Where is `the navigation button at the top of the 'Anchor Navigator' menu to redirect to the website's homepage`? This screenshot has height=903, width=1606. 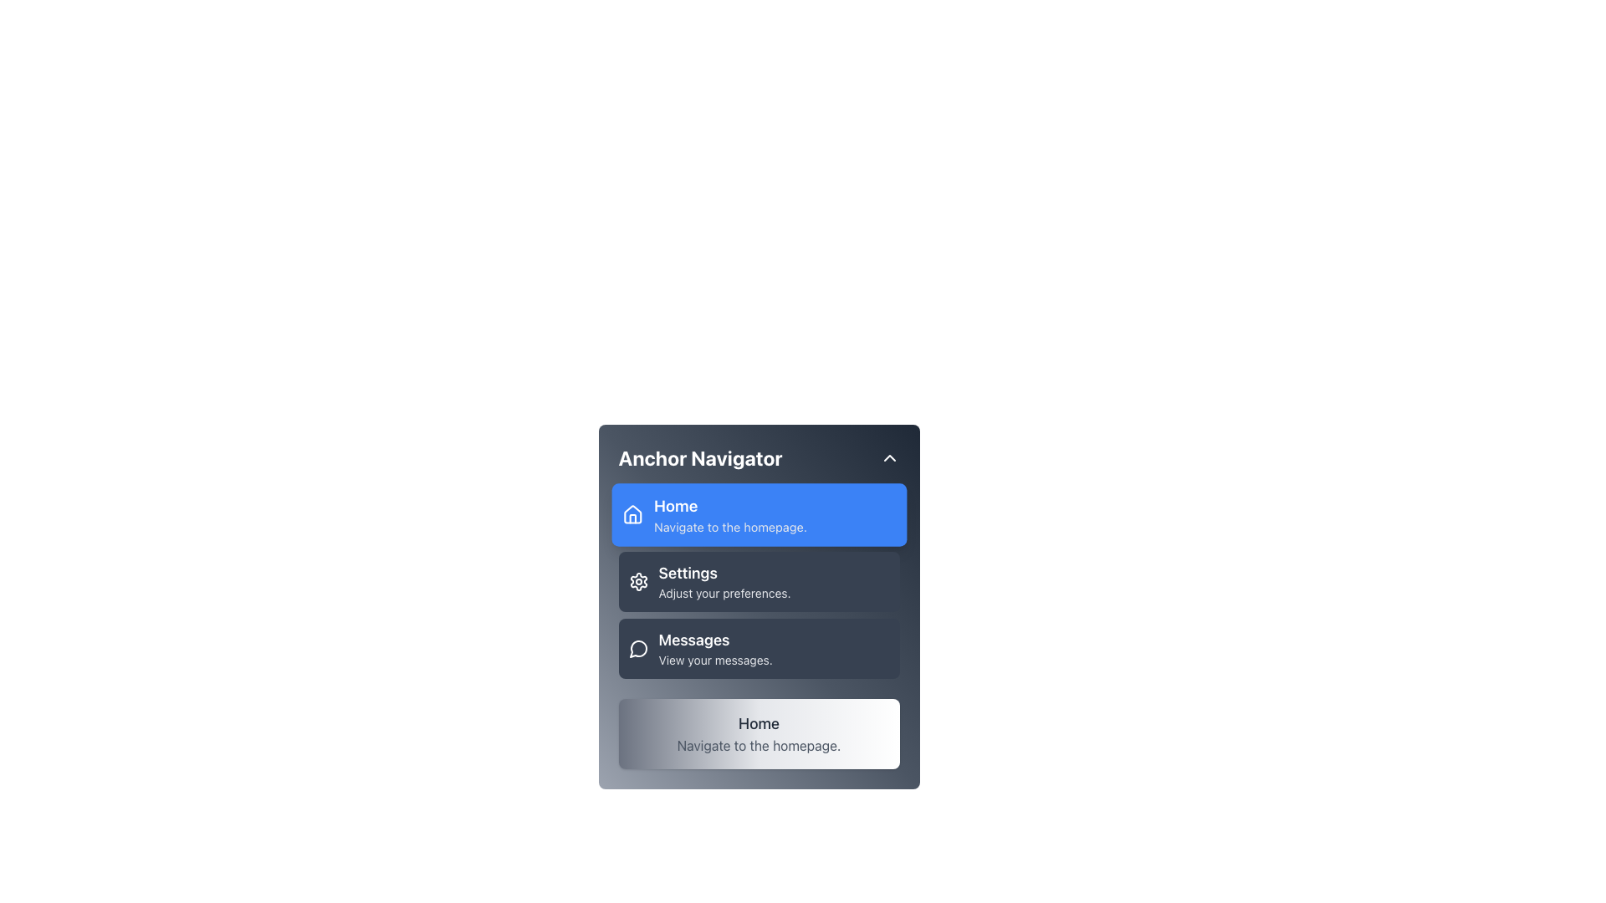 the navigation button at the top of the 'Anchor Navigator' menu to redirect to the website's homepage is located at coordinates (758, 514).